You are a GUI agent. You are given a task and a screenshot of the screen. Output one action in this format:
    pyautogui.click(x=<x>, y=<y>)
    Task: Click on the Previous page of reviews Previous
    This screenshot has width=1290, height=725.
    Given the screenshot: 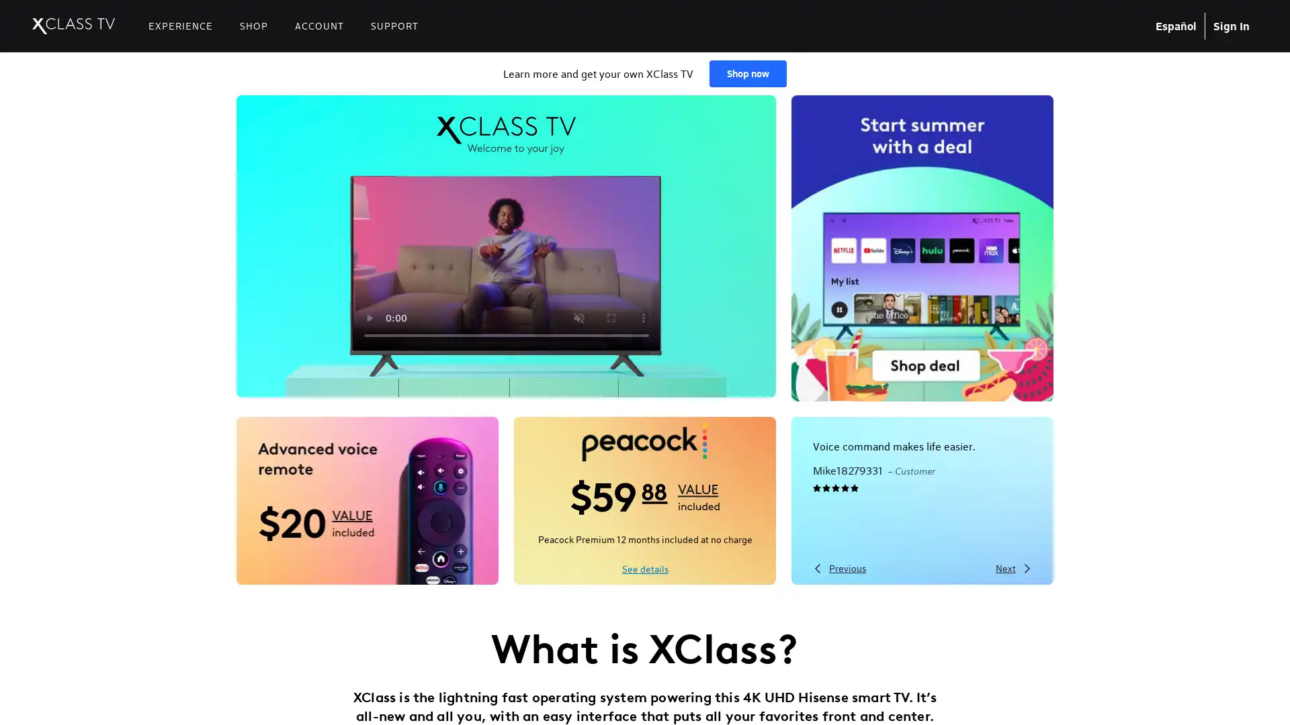 What is the action you would take?
    pyautogui.click(x=838, y=567)
    